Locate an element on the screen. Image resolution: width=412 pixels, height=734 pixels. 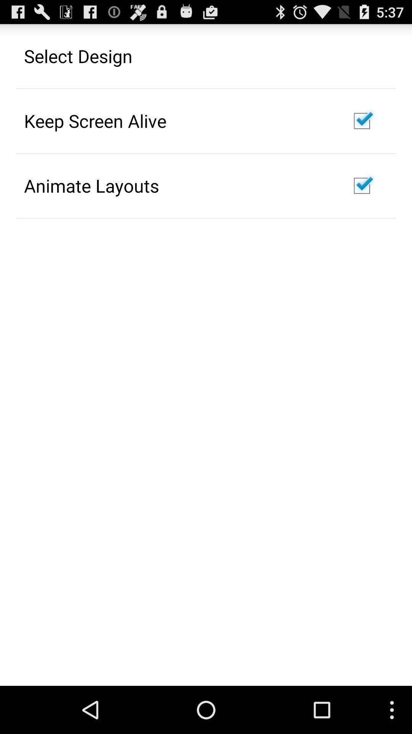
icon below keep screen alive item is located at coordinates (91, 185).